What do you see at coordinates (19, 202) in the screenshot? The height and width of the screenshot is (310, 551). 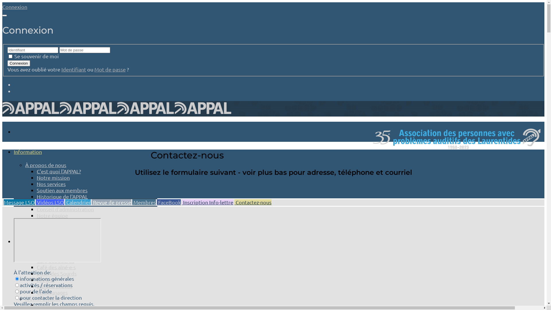 I see `'Message LSQ'` at bounding box center [19, 202].